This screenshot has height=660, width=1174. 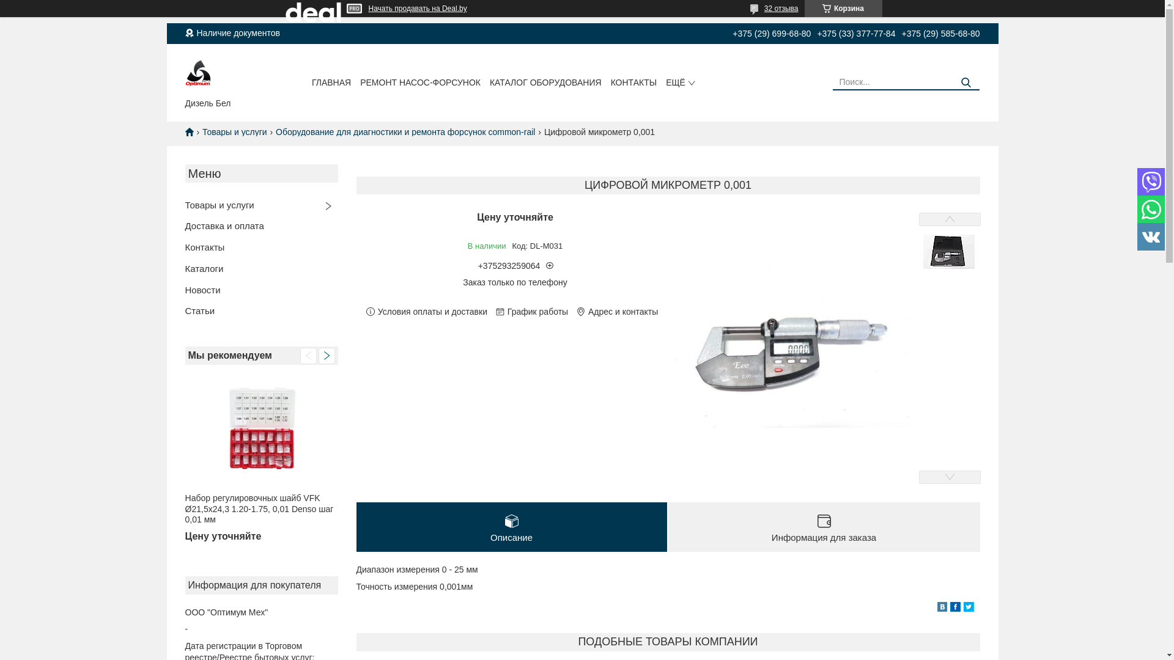 I want to click on 'facebook', so click(x=954, y=608).